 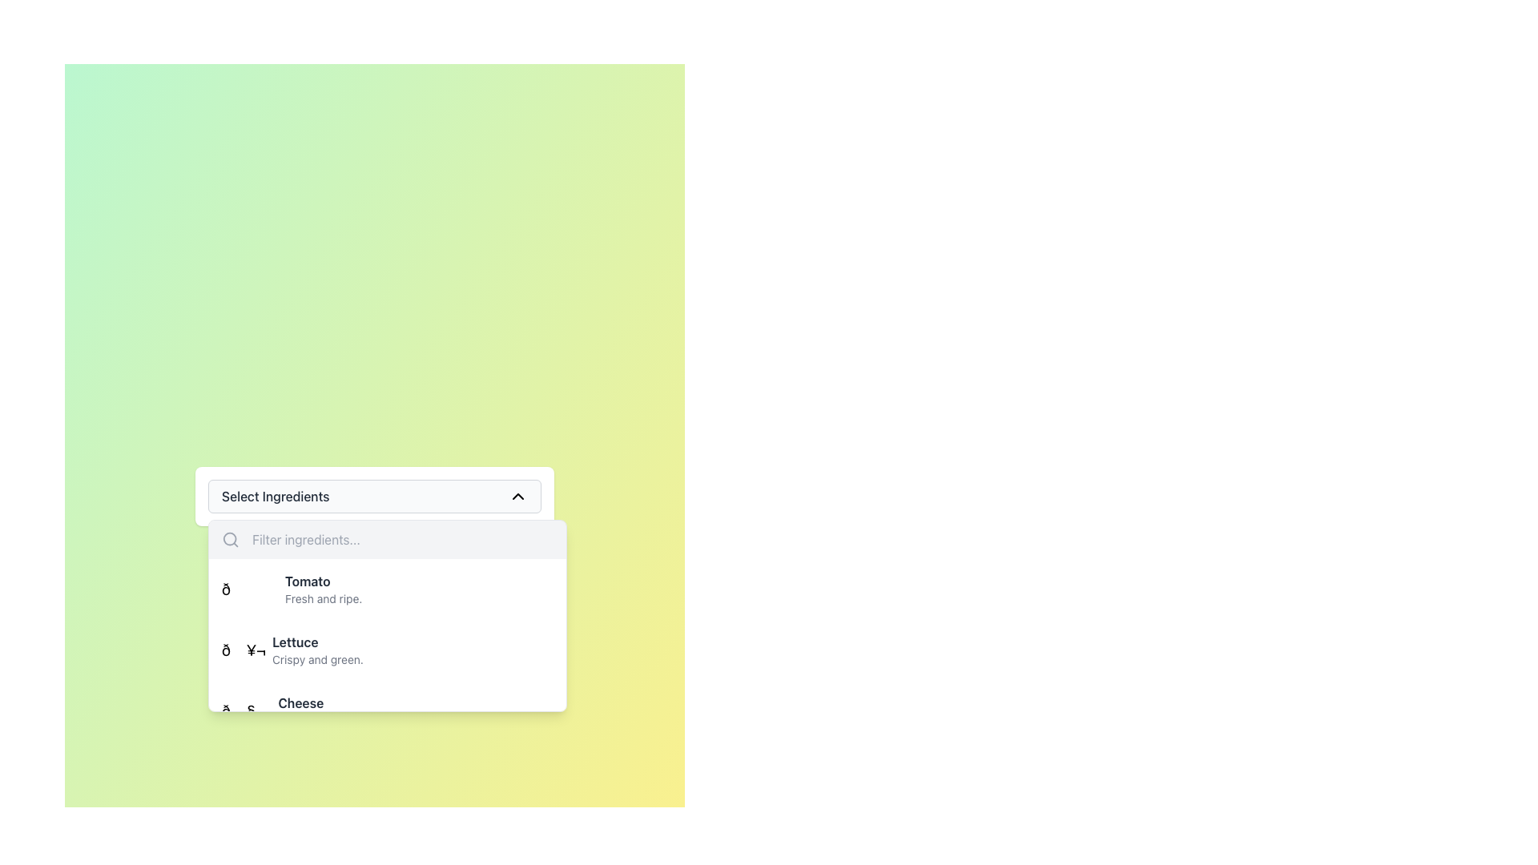 What do you see at coordinates (331, 719) in the screenshot?
I see `the label displaying 'Creamy and smooth.' which is located below the 'Cheese' title in the dropdown menu` at bounding box center [331, 719].